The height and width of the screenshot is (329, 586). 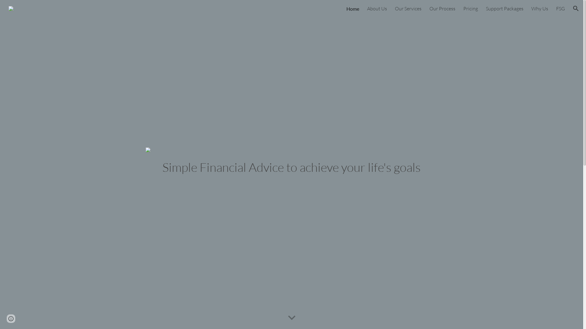 What do you see at coordinates (408, 8) in the screenshot?
I see `'Our Services'` at bounding box center [408, 8].